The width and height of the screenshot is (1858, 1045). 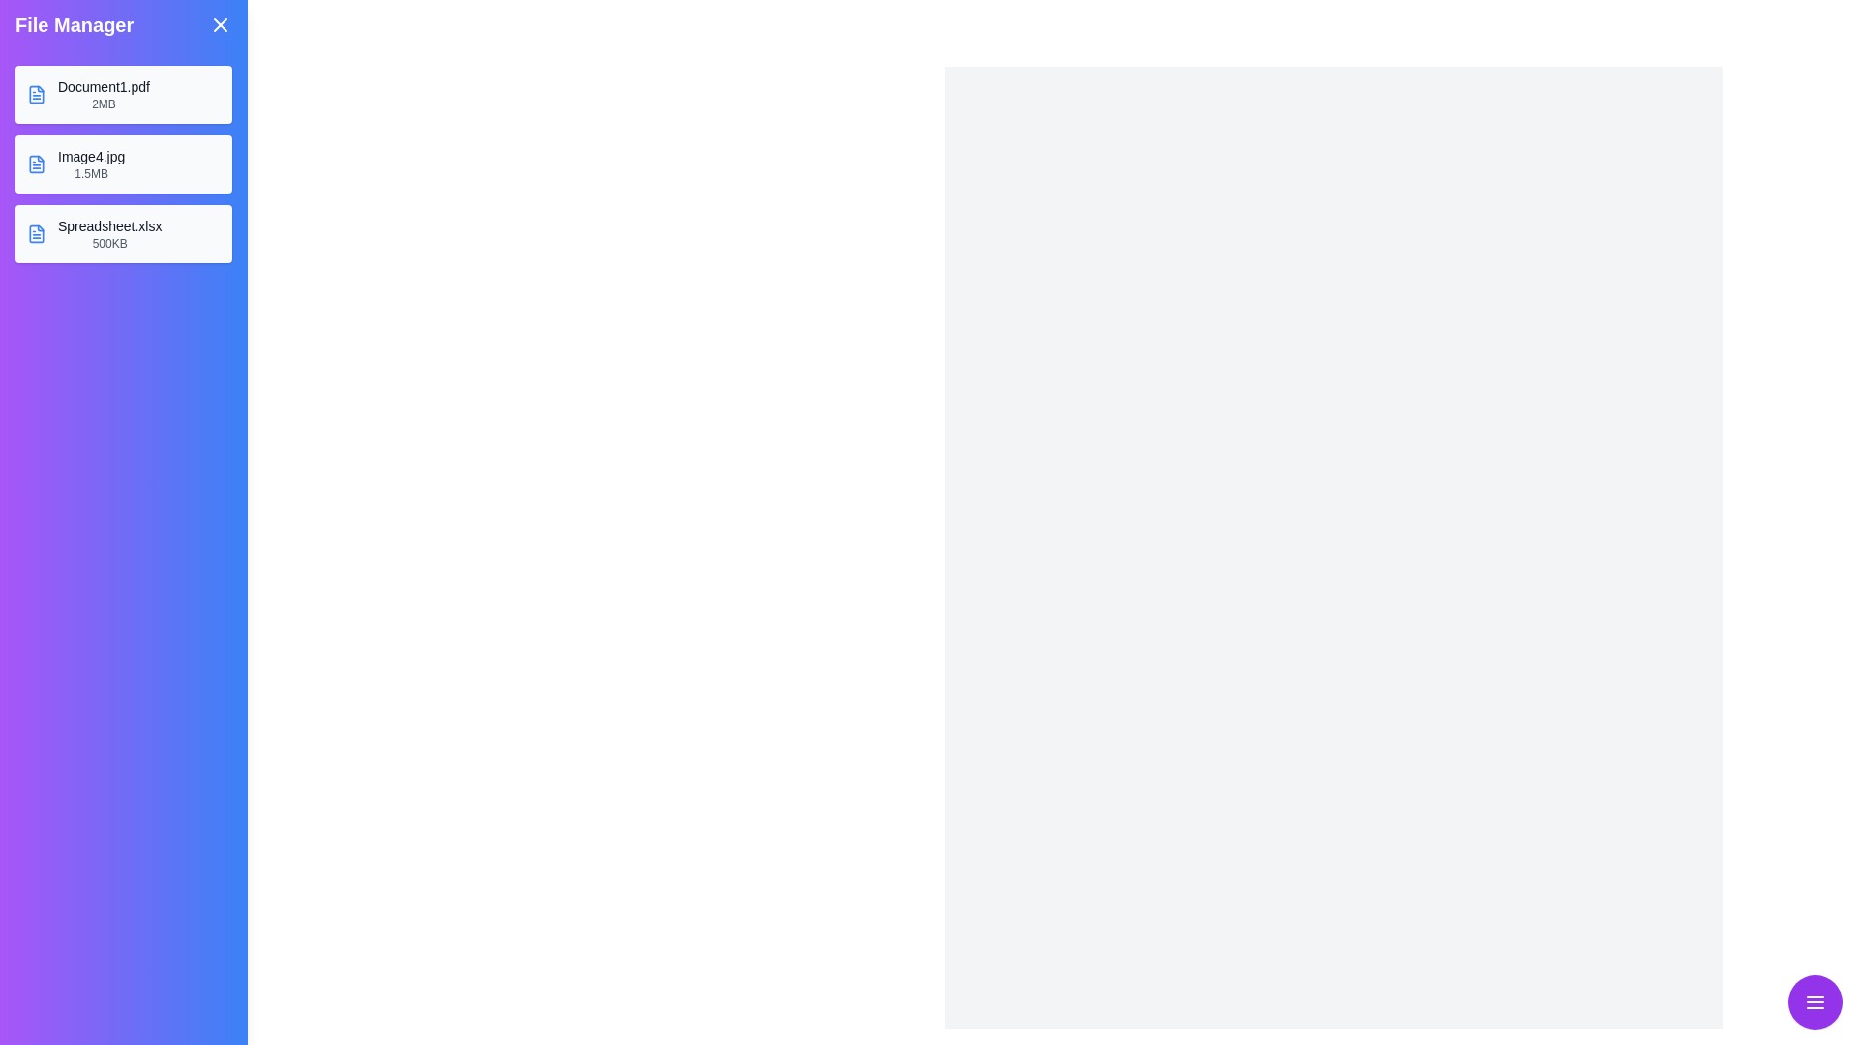 I want to click on the static text label displaying '2MB', which indicates the file size beneath 'Document1.pdf', so click(x=103, y=104).